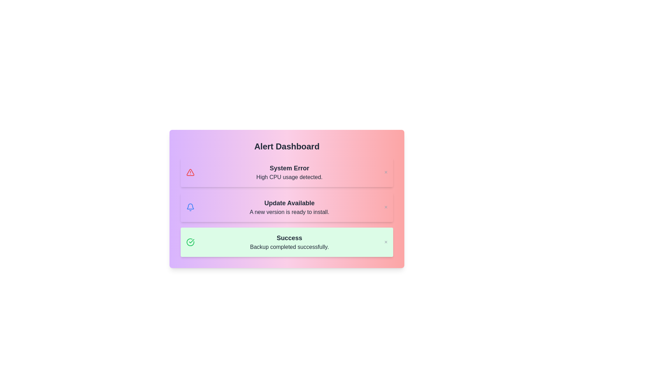  What do you see at coordinates (385, 207) in the screenshot?
I see `the close button to dismiss the notification with title 'Update Available'` at bounding box center [385, 207].